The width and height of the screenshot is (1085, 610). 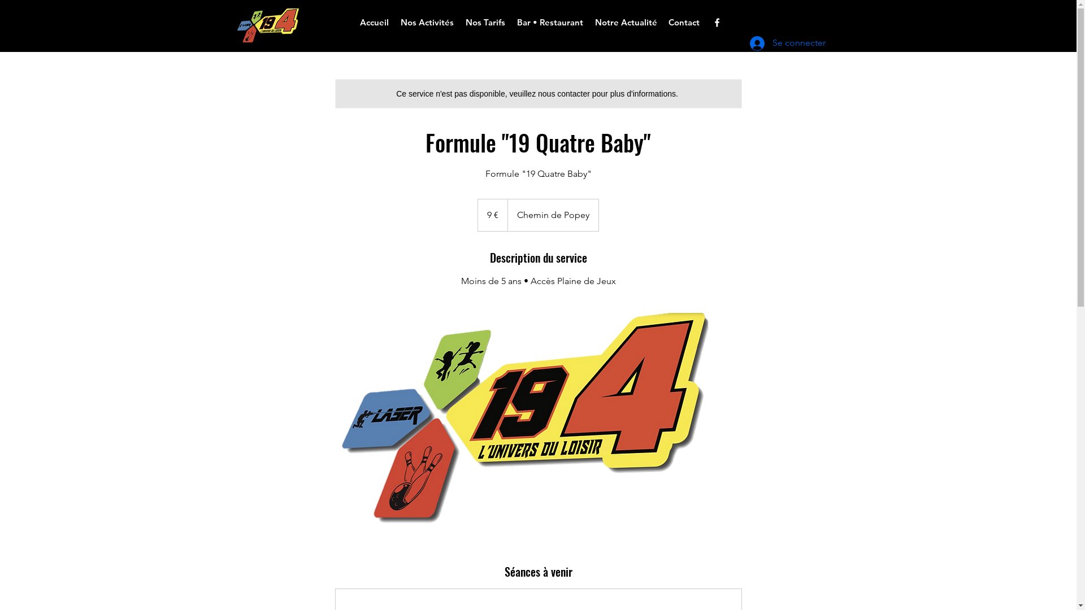 I want to click on 'Nos Tarifs', so click(x=485, y=22).